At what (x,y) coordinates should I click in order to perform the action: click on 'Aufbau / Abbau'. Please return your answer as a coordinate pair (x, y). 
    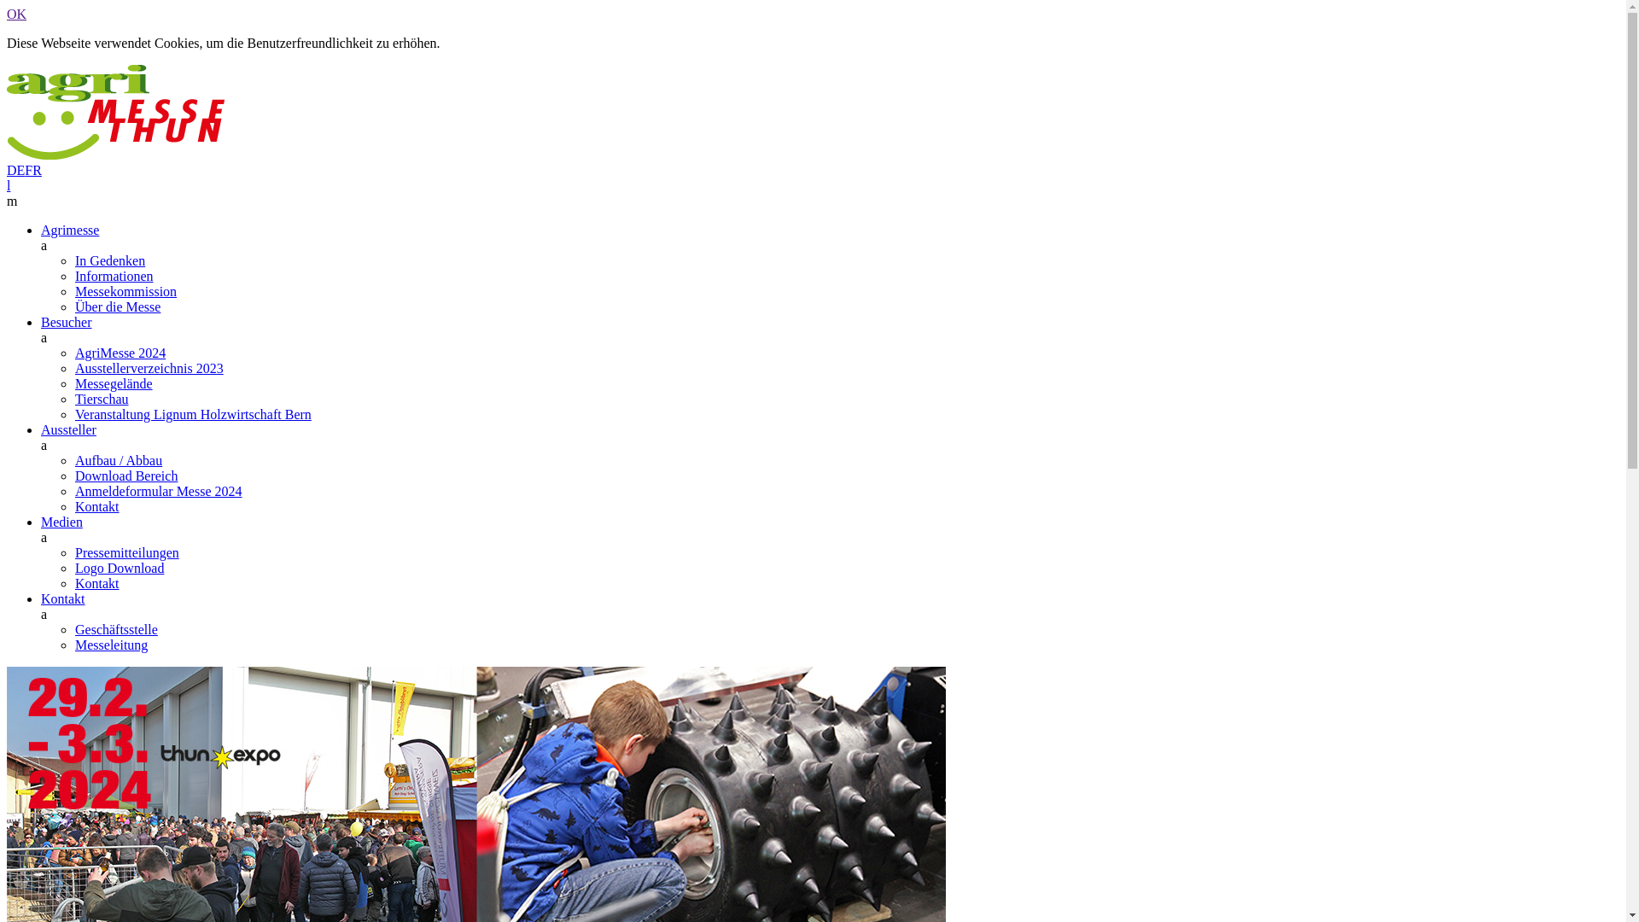
    Looking at the image, I should click on (118, 459).